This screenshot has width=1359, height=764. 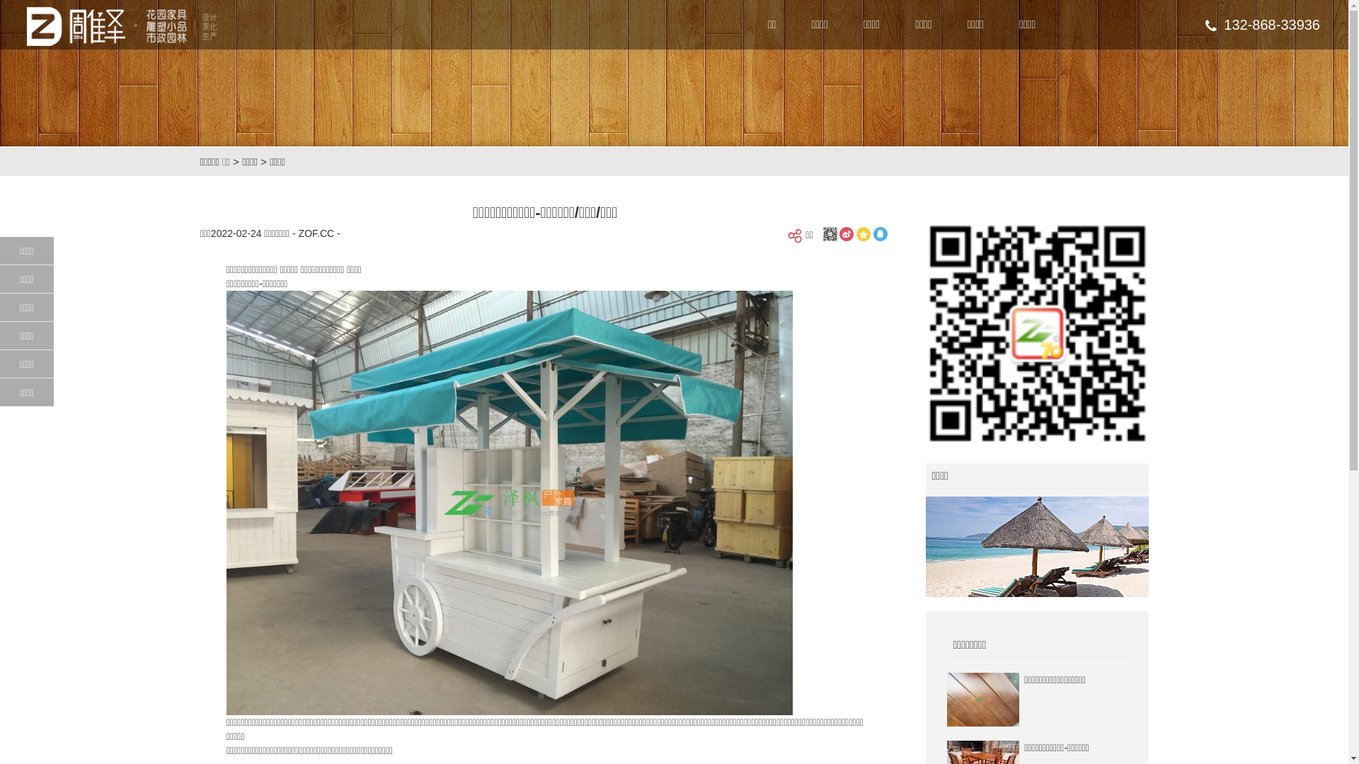 I want to click on '132-868-33936', so click(x=1205, y=24).